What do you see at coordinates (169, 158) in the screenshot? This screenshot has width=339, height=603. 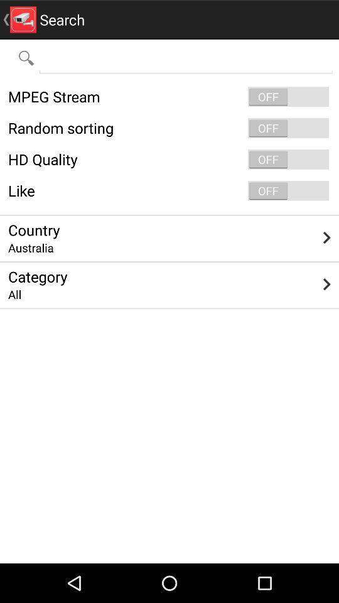 I see `icon above the like item` at bounding box center [169, 158].